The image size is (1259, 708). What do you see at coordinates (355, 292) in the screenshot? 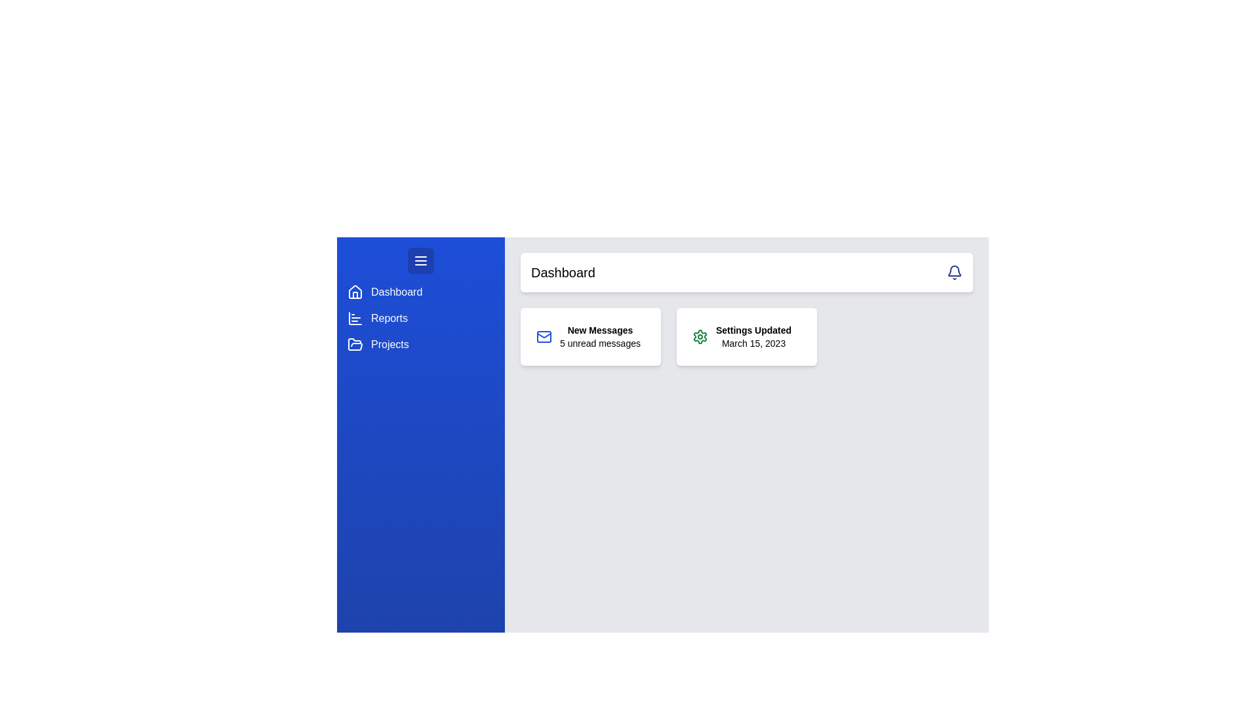
I see `the house-shaped icon with rounded edges located at the top of the blue sidebar menu next to the 'Dashboard' label` at bounding box center [355, 292].